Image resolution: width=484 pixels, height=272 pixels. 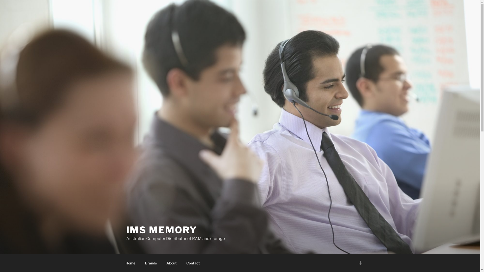 I want to click on 'Scroll down to content', so click(x=360, y=262).